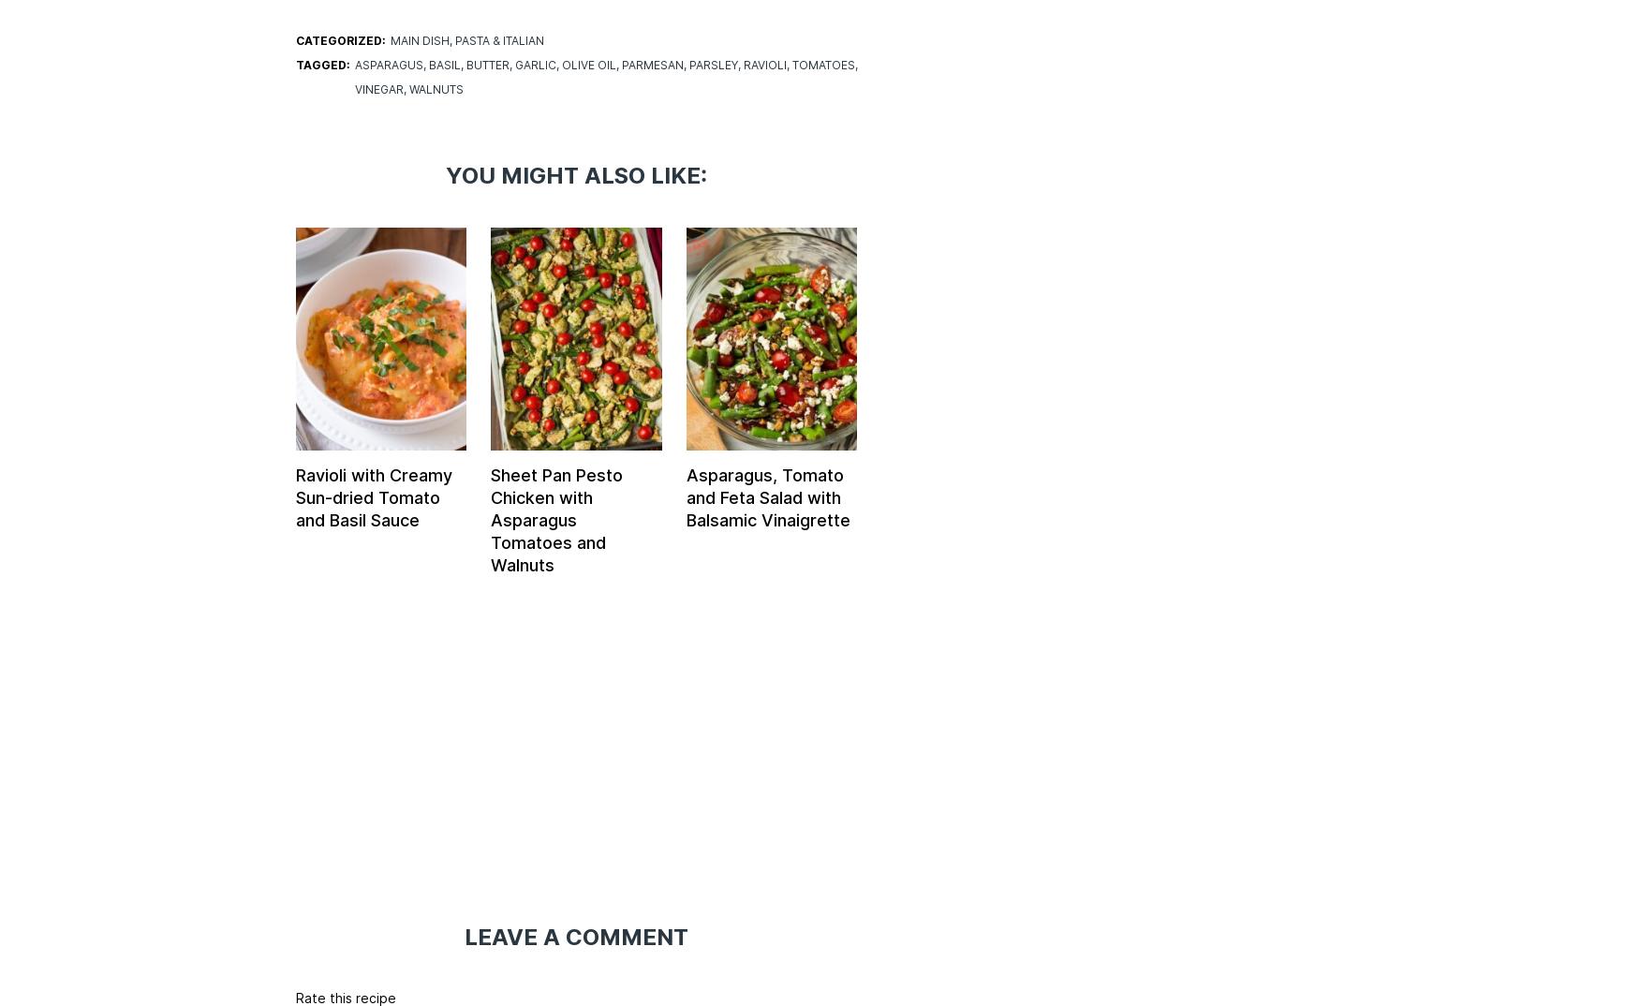 The width and height of the screenshot is (1640, 1006). Describe the element at coordinates (464, 65) in the screenshot. I see `'butter'` at that location.